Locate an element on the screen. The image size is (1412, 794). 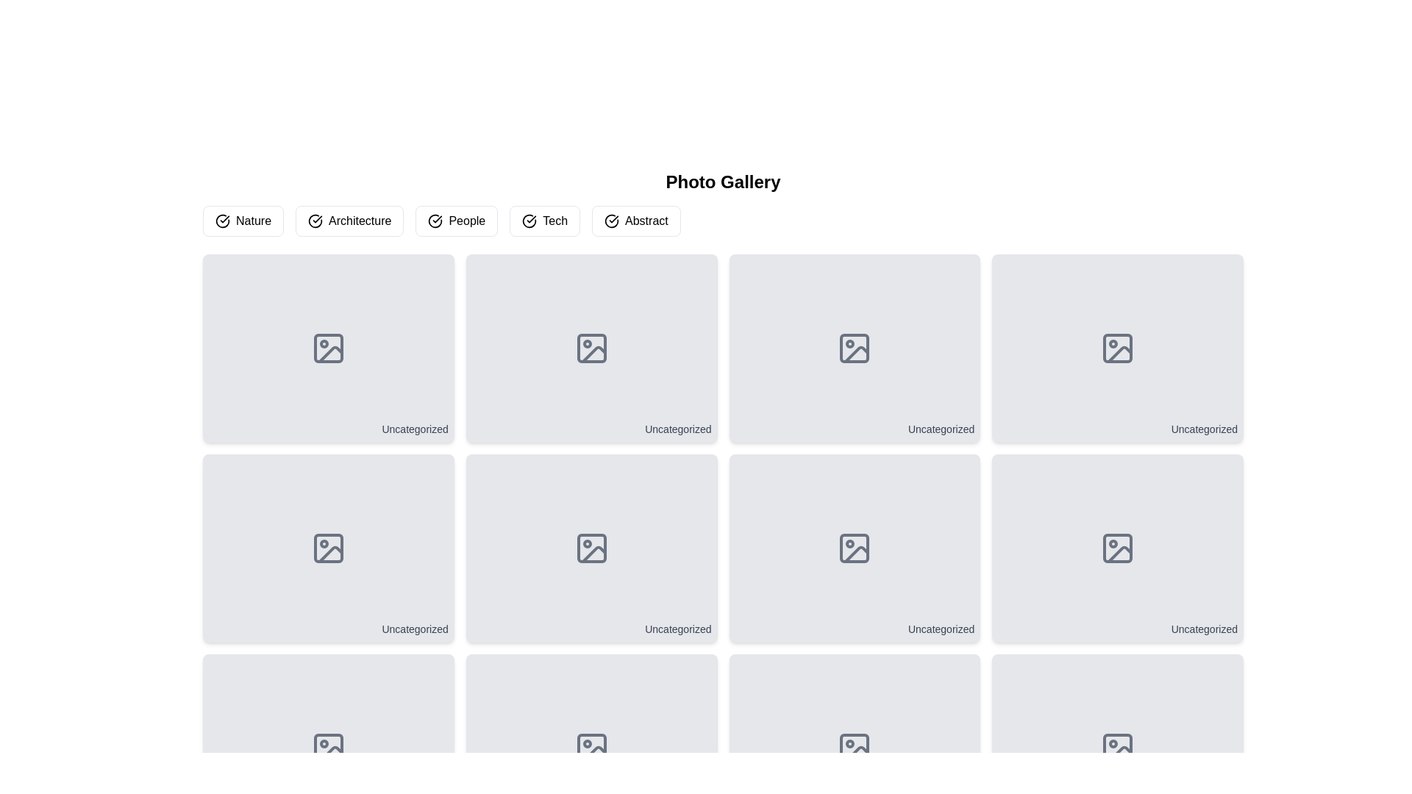
the circular check icon with a thin black outline located at the left edge of the 'Abstract' button in the header is located at coordinates (611, 221).